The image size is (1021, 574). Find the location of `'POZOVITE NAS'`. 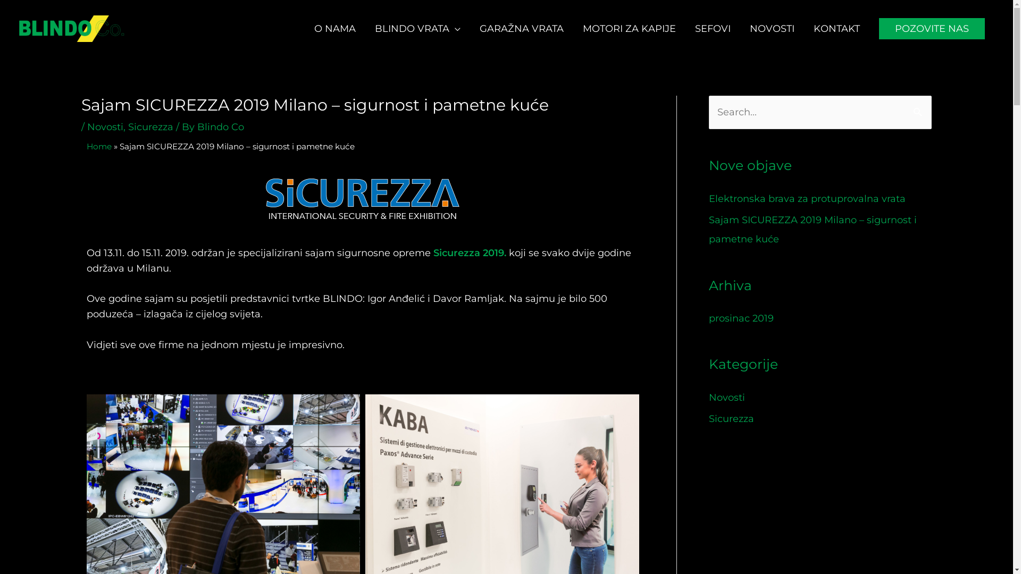

'POZOVITE NAS' is located at coordinates (931, 28).